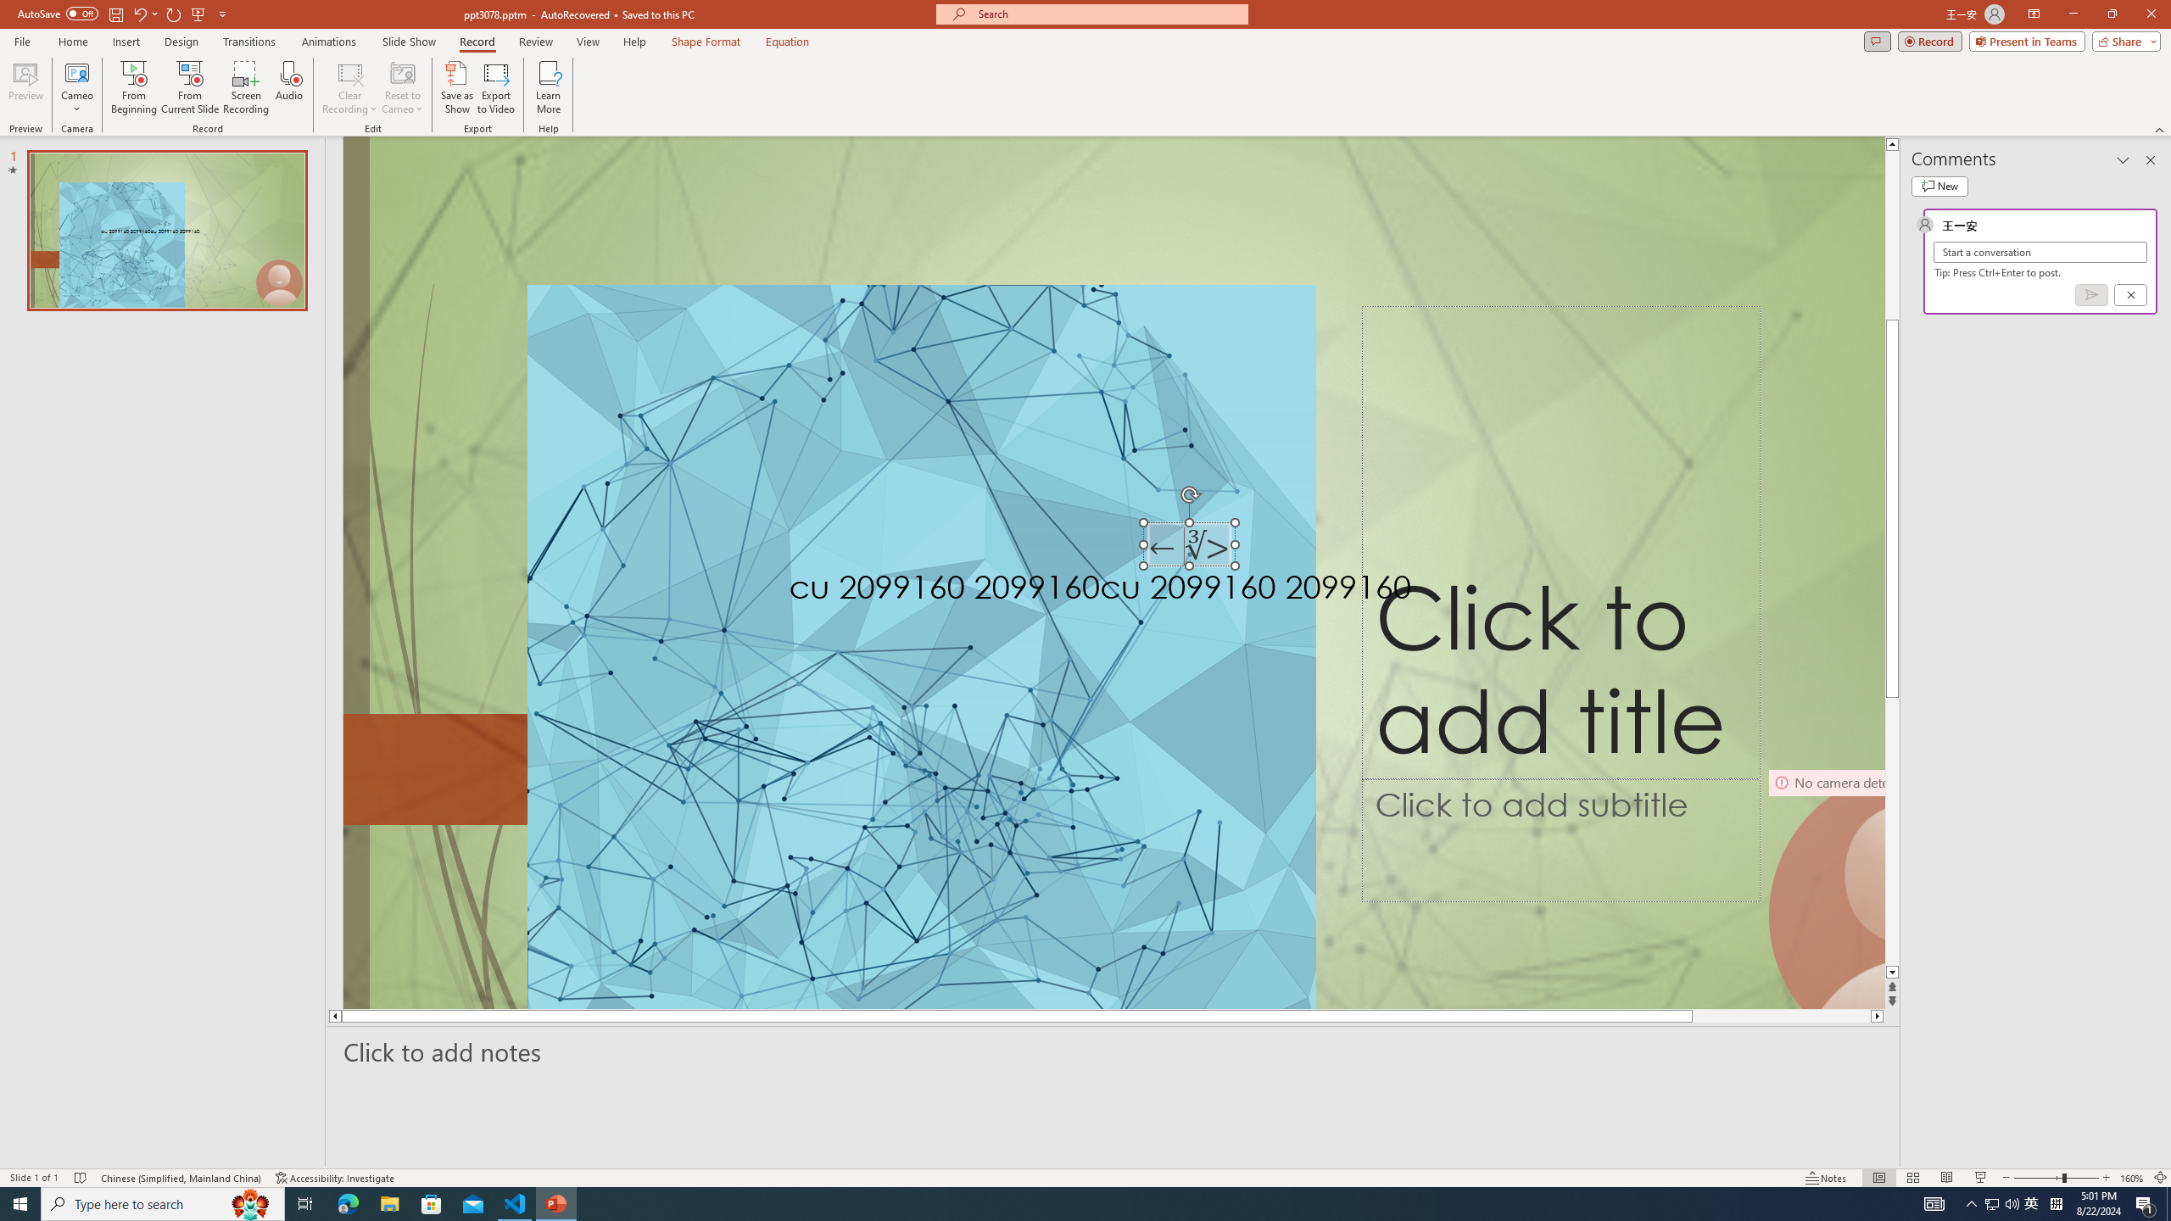 The height and width of the screenshot is (1221, 2171). I want to click on 'TextBox 7', so click(1189, 546).